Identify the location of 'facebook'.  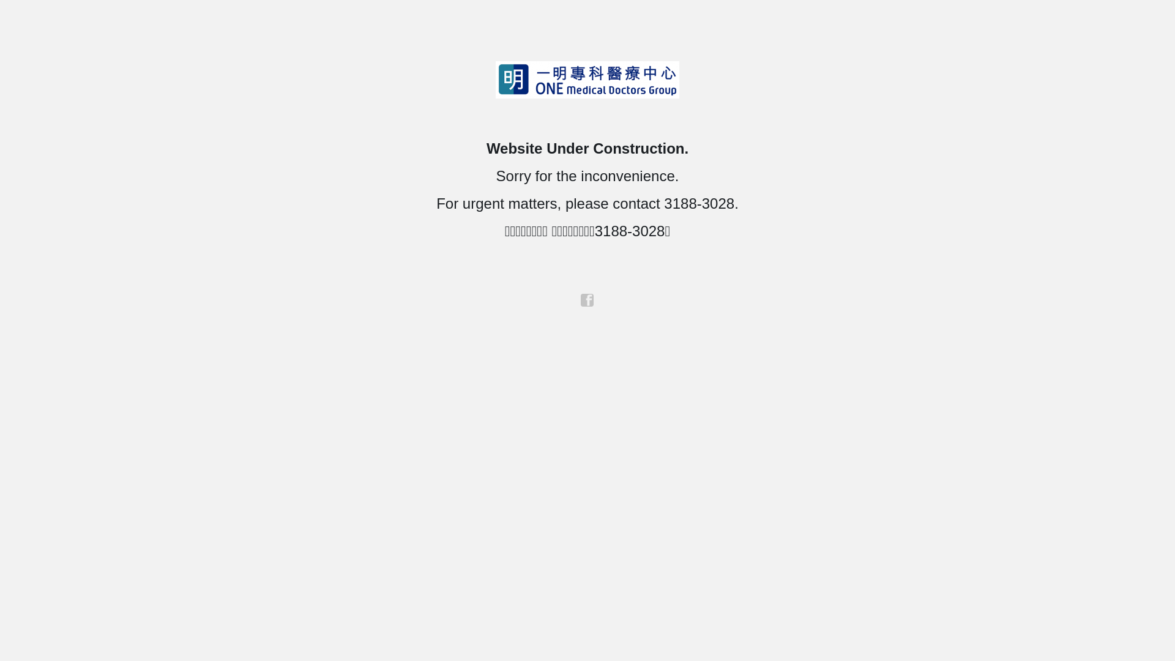
(587, 300).